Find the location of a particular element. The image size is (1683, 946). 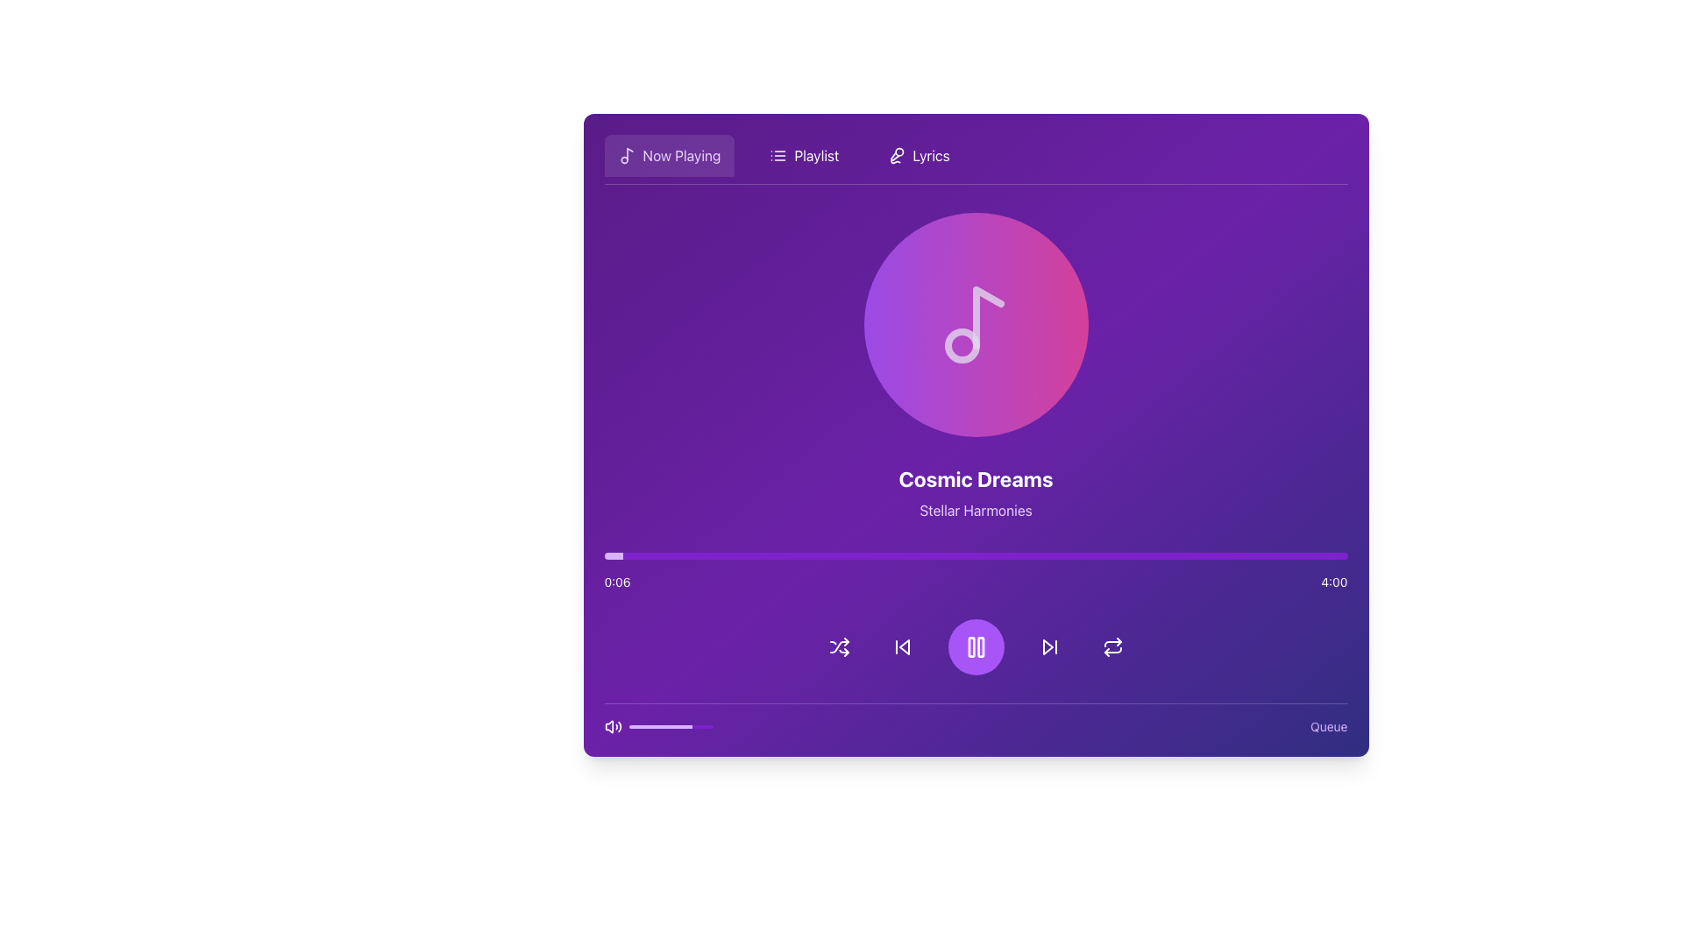

the progress bar located centrally within the music player interface to adjust the playback position is located at coordinates (975, 570).